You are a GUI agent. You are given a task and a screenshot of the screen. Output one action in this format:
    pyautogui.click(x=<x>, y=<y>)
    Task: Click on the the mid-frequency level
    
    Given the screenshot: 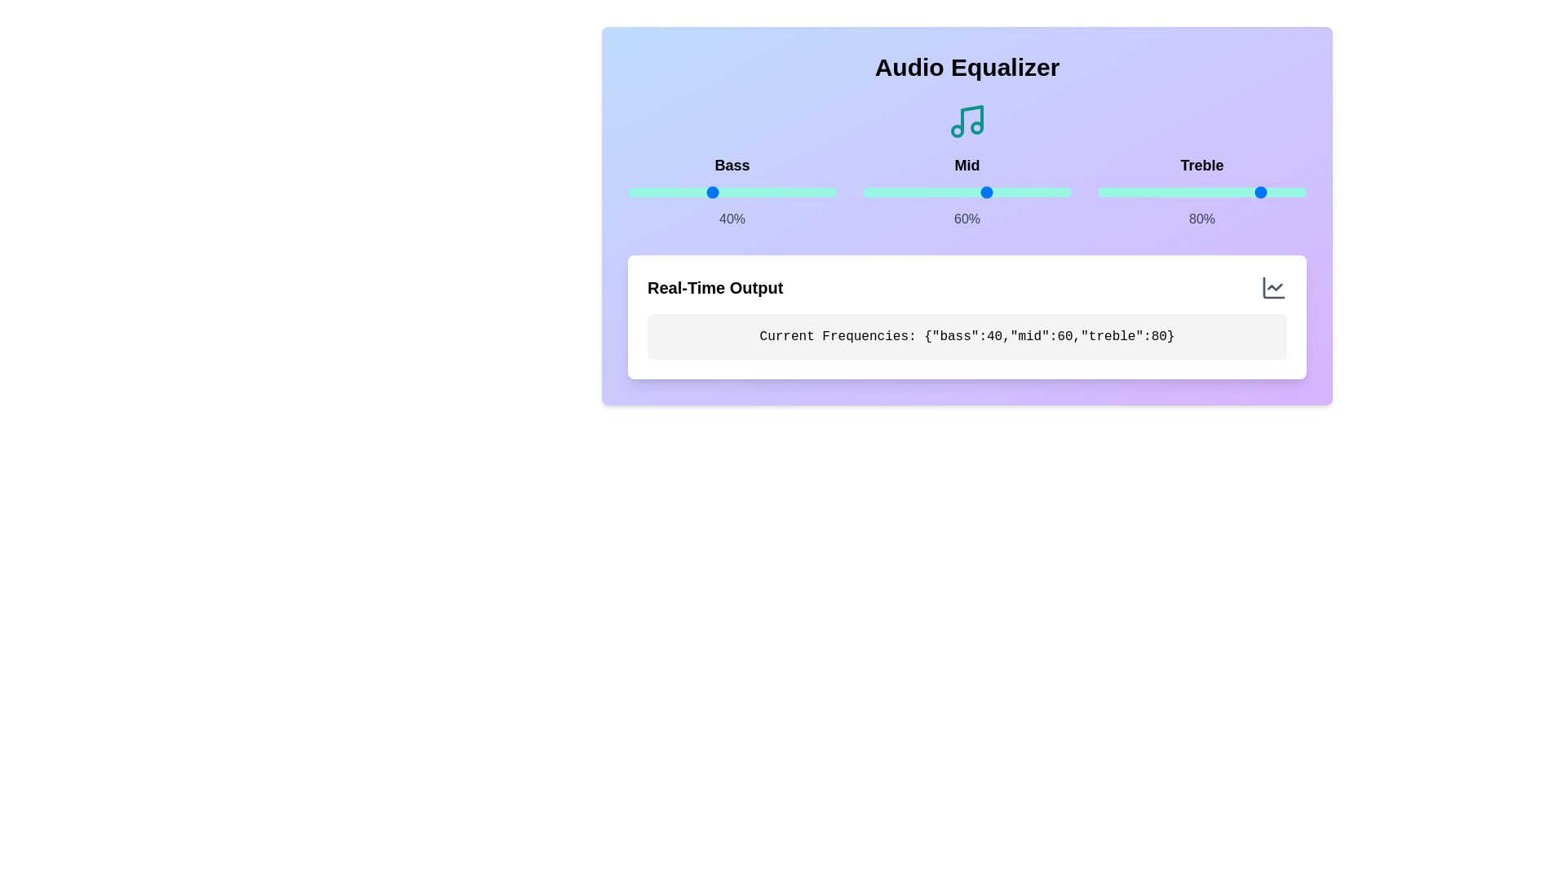 What is the action you would take?
    pyautogui.click(x=864, y=191)
    